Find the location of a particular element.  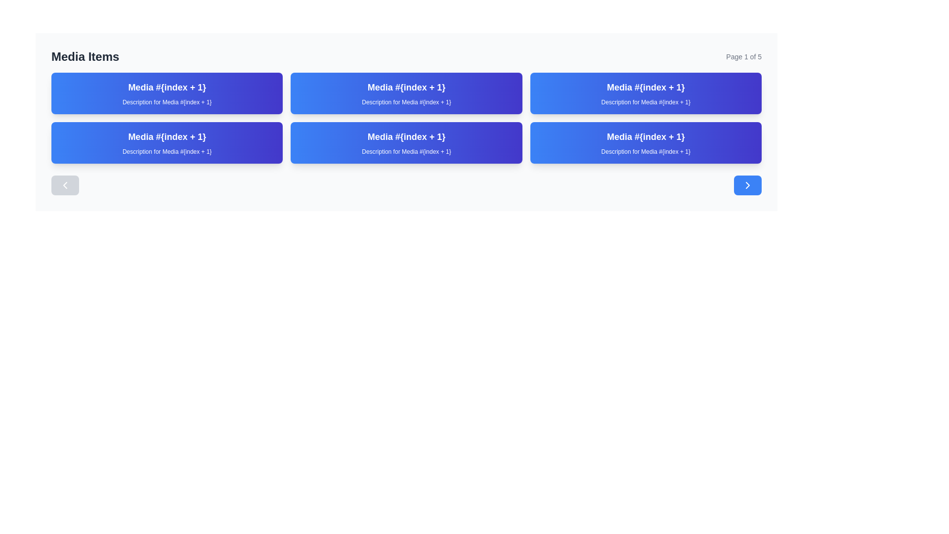

the chevron arrow icon located within a blue square button at the bottom-right corner of the interface, which indicates a navigation function is located at coordinates (747, 185).